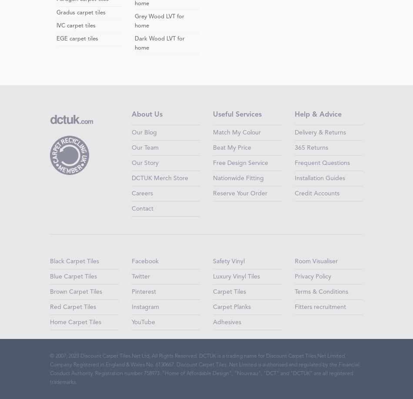 Image resolution: width=413 pixels, height=399 pixels. What do you see at coordinates (319, 132) in the screenshot?
I see `'Delivery & Returns'` at bounding box center [319, 132].